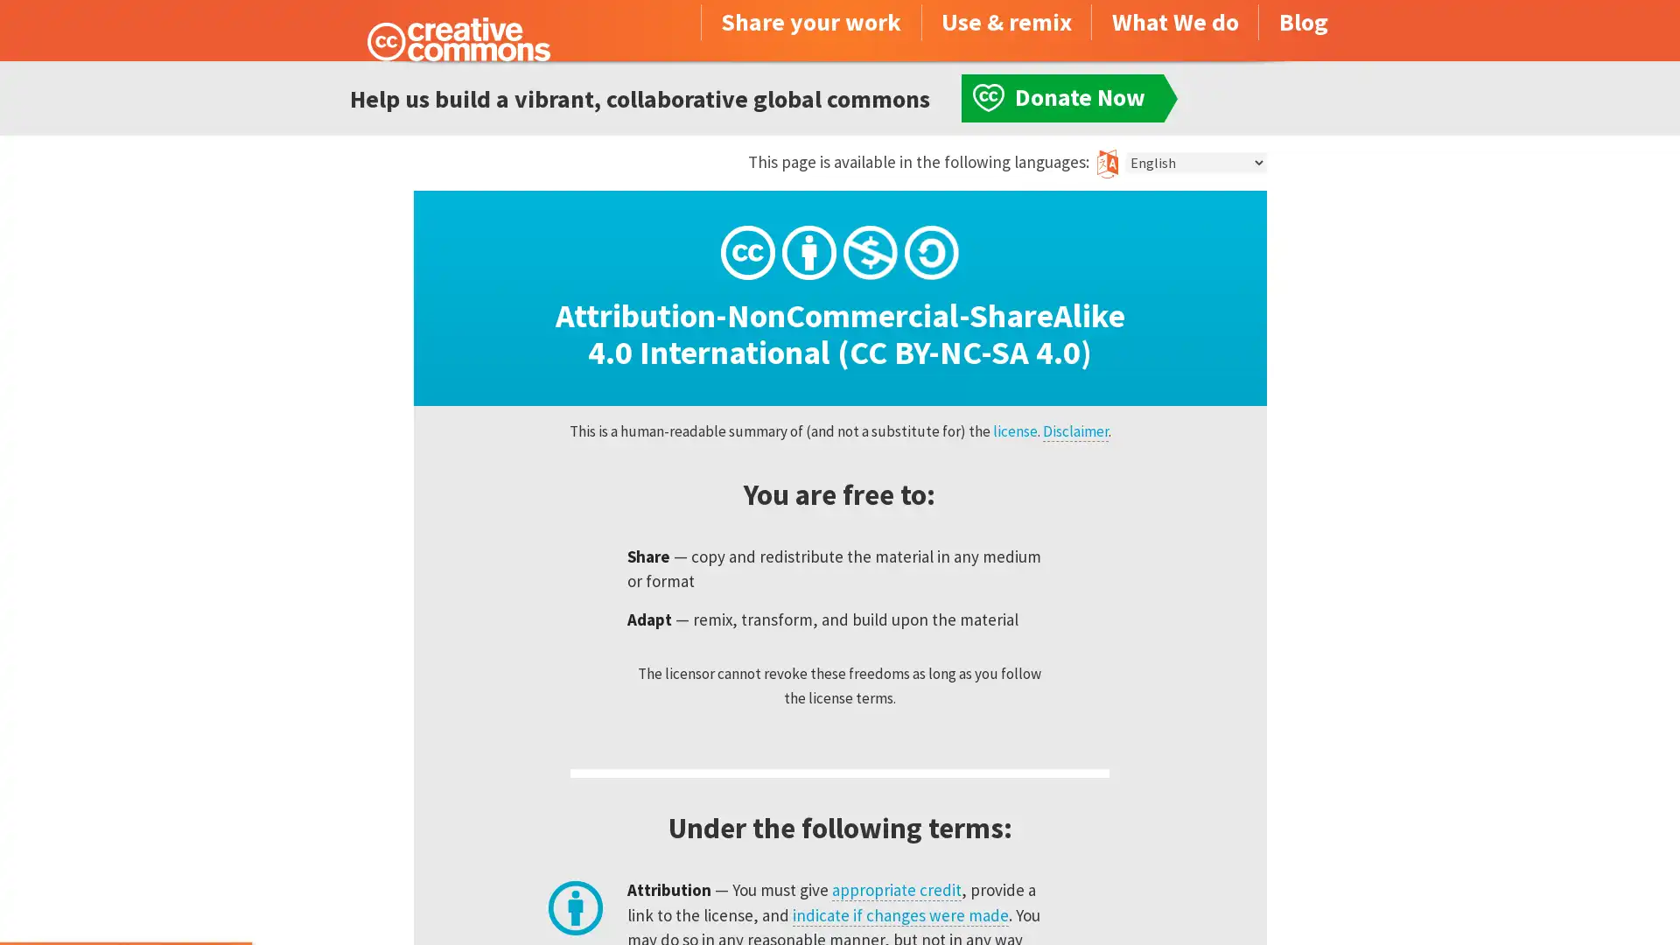 The height and width of the screenshot is (945, 1680). I want to click on Donate Now, so click(125, 898).